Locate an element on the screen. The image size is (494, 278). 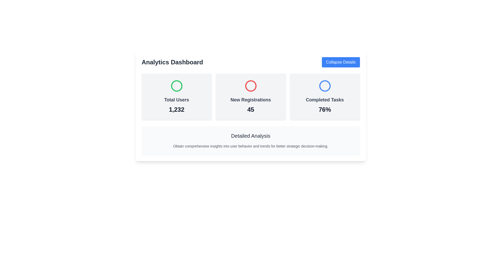
the percentage text element that indicates the completion rate of tasks, located below 'Completed Tasks' in the third card of the interface layout is located at coordinates (324, 109).